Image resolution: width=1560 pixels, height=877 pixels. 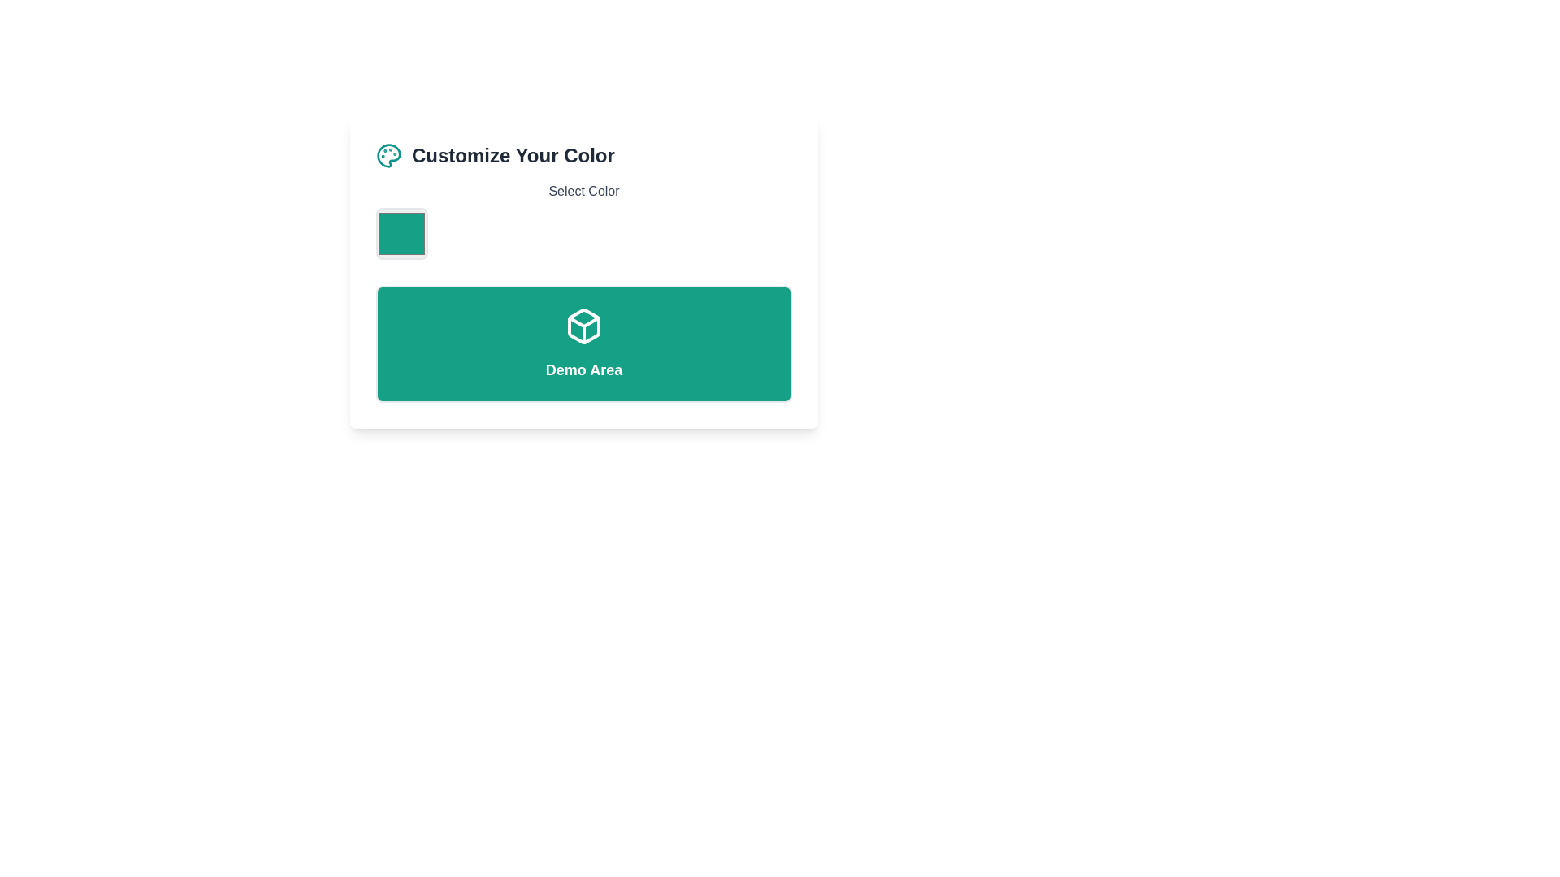 I want to click on the text label reading 'Demo Area' that is styled with a white color, bold font, and medium-large size, located on a green rectangular background below an icon, so click(x=584, y=369).